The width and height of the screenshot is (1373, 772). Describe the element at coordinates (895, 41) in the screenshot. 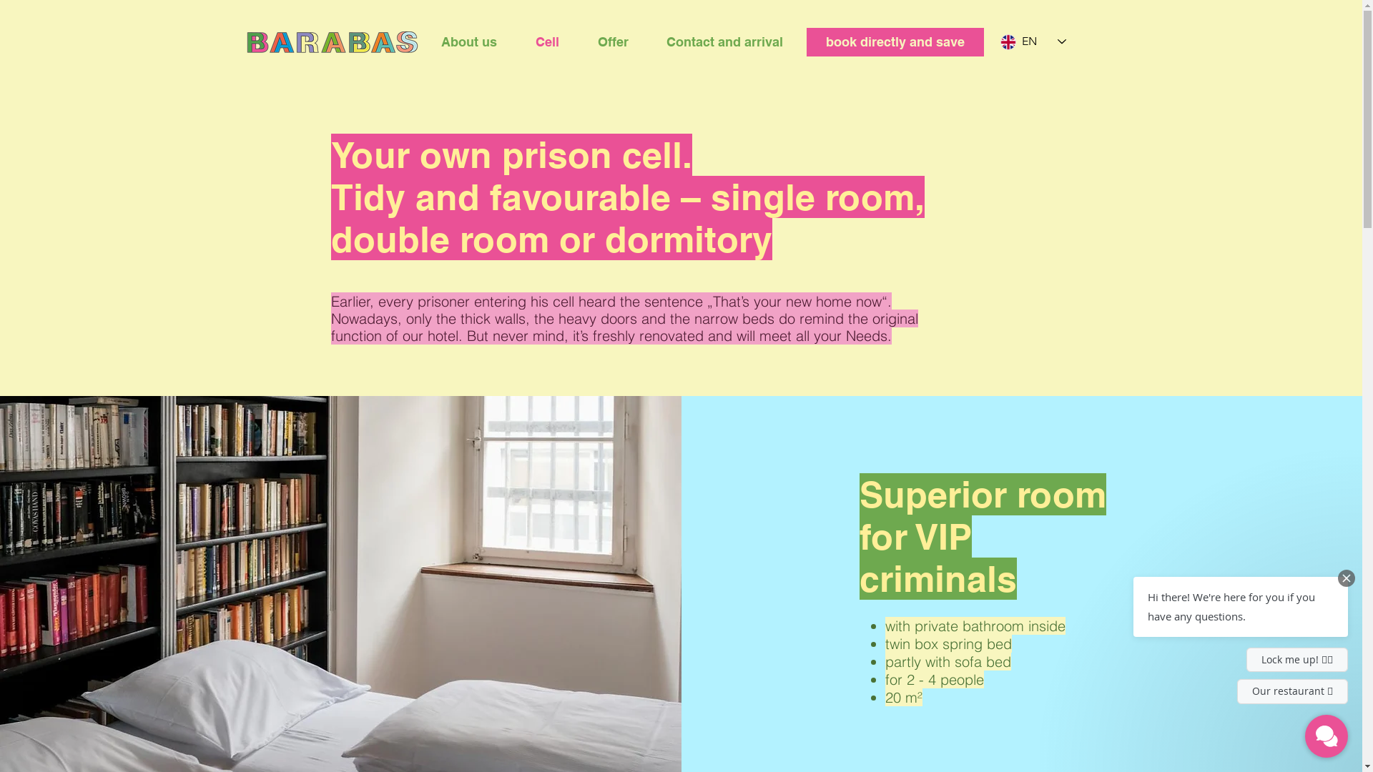

I see `'book directly and save'` at that location.